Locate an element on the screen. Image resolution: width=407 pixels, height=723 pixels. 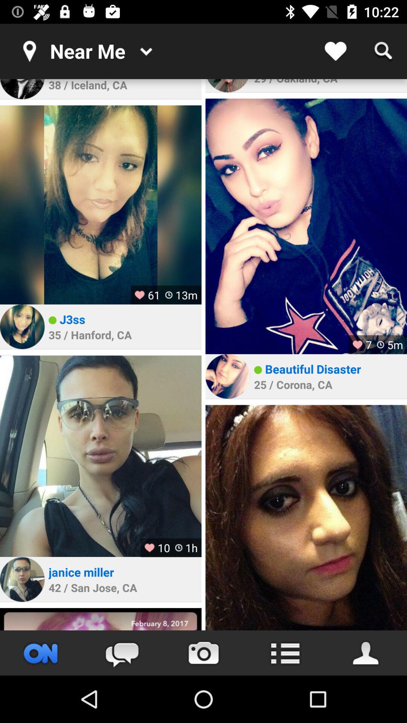
the chat icon is located at coordinates (122, 653).